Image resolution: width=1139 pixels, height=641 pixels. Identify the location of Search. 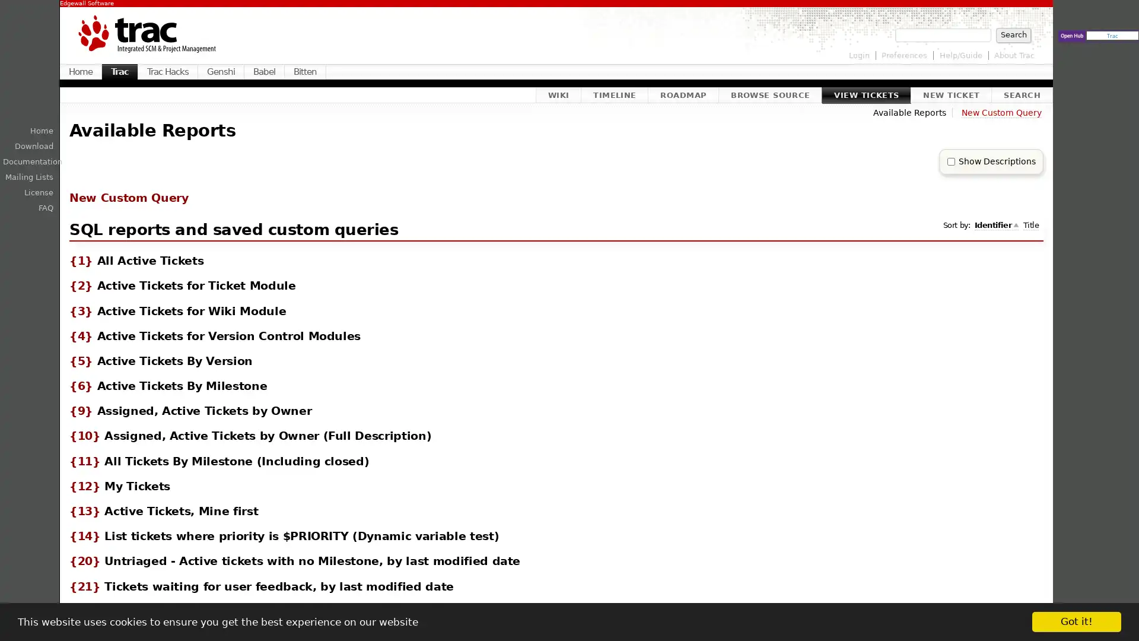
(1013, 34).